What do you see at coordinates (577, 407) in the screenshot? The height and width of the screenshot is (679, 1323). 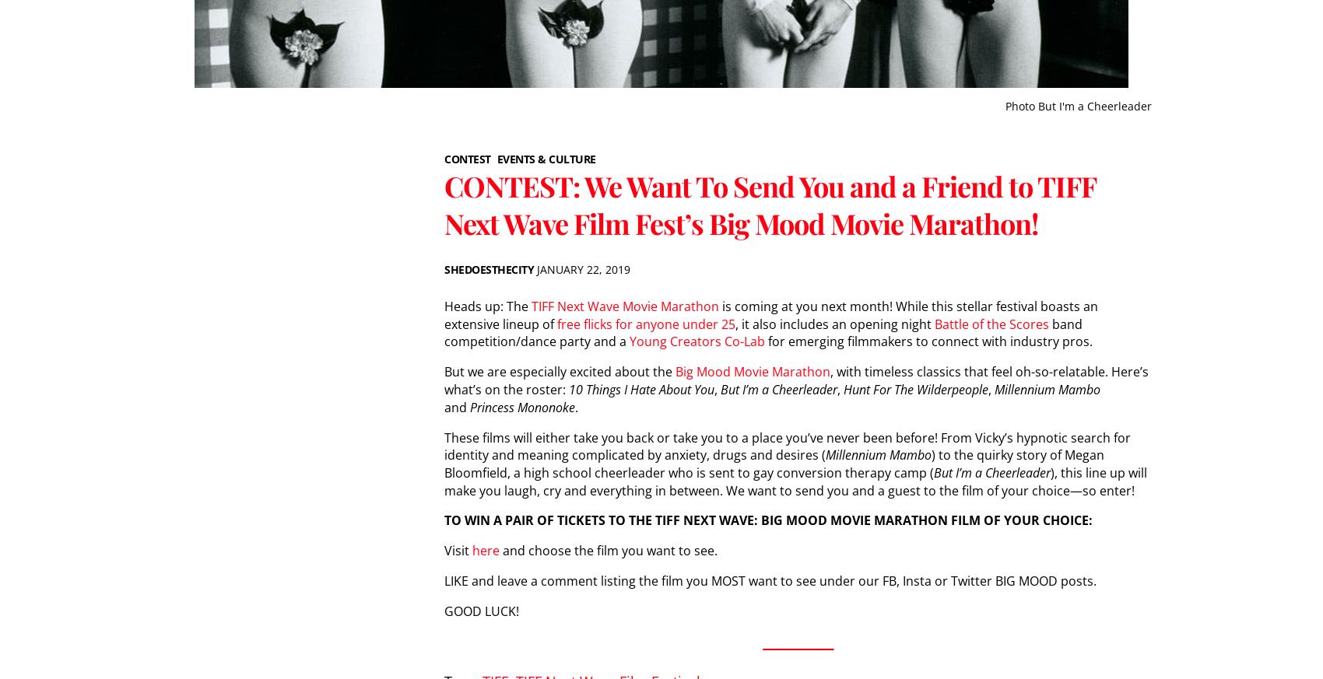 I see `'.'` at bounding box center [577, 407].